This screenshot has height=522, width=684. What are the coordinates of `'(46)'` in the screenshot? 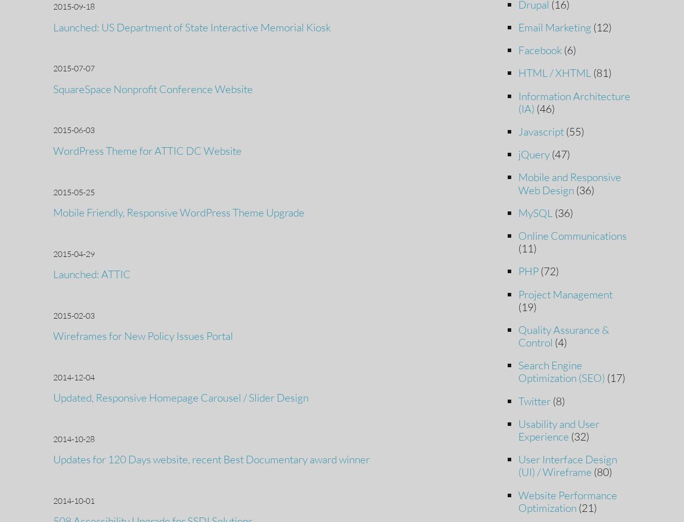 It's located at (544, 108).